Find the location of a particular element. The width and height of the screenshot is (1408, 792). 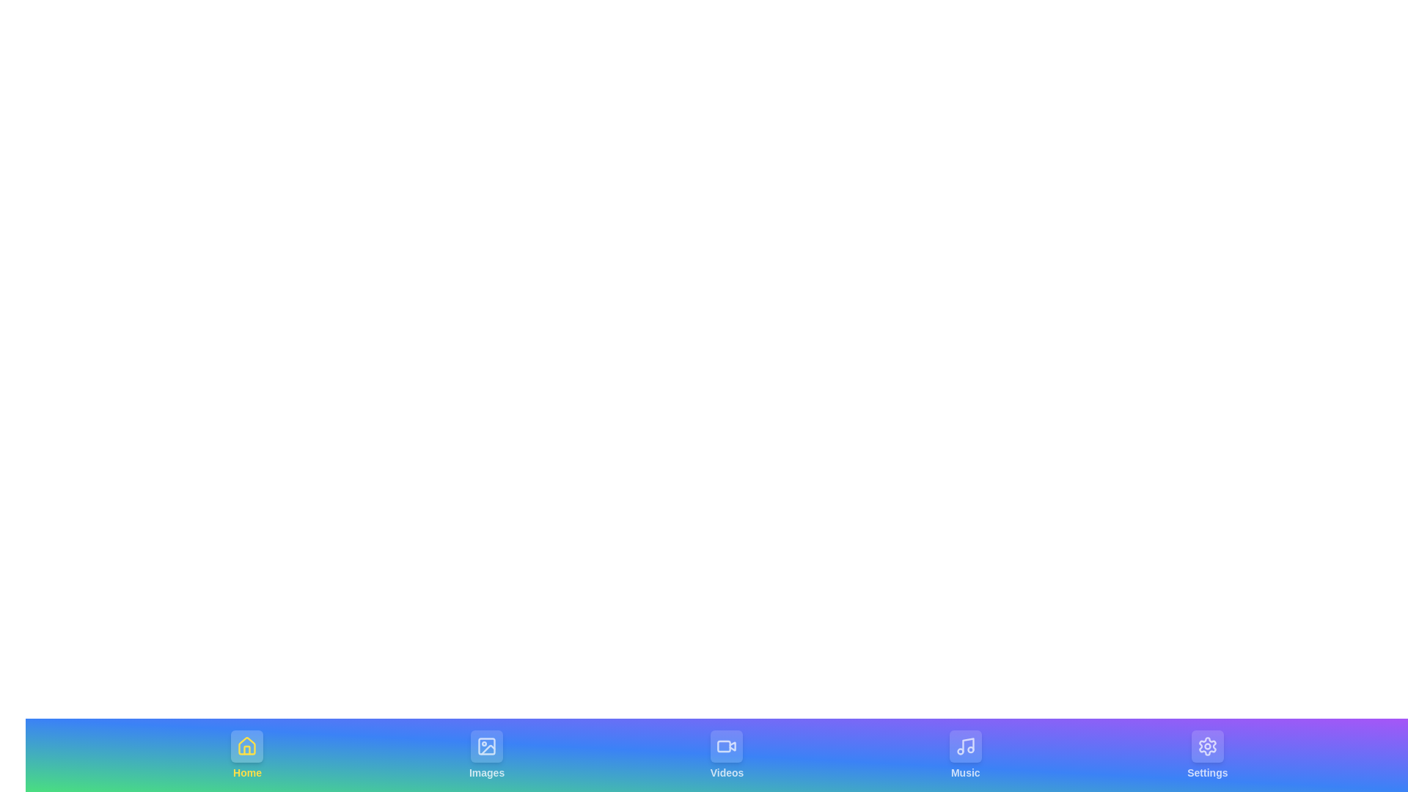

the tab corresponding to Images is located at coordinates (487, 755).